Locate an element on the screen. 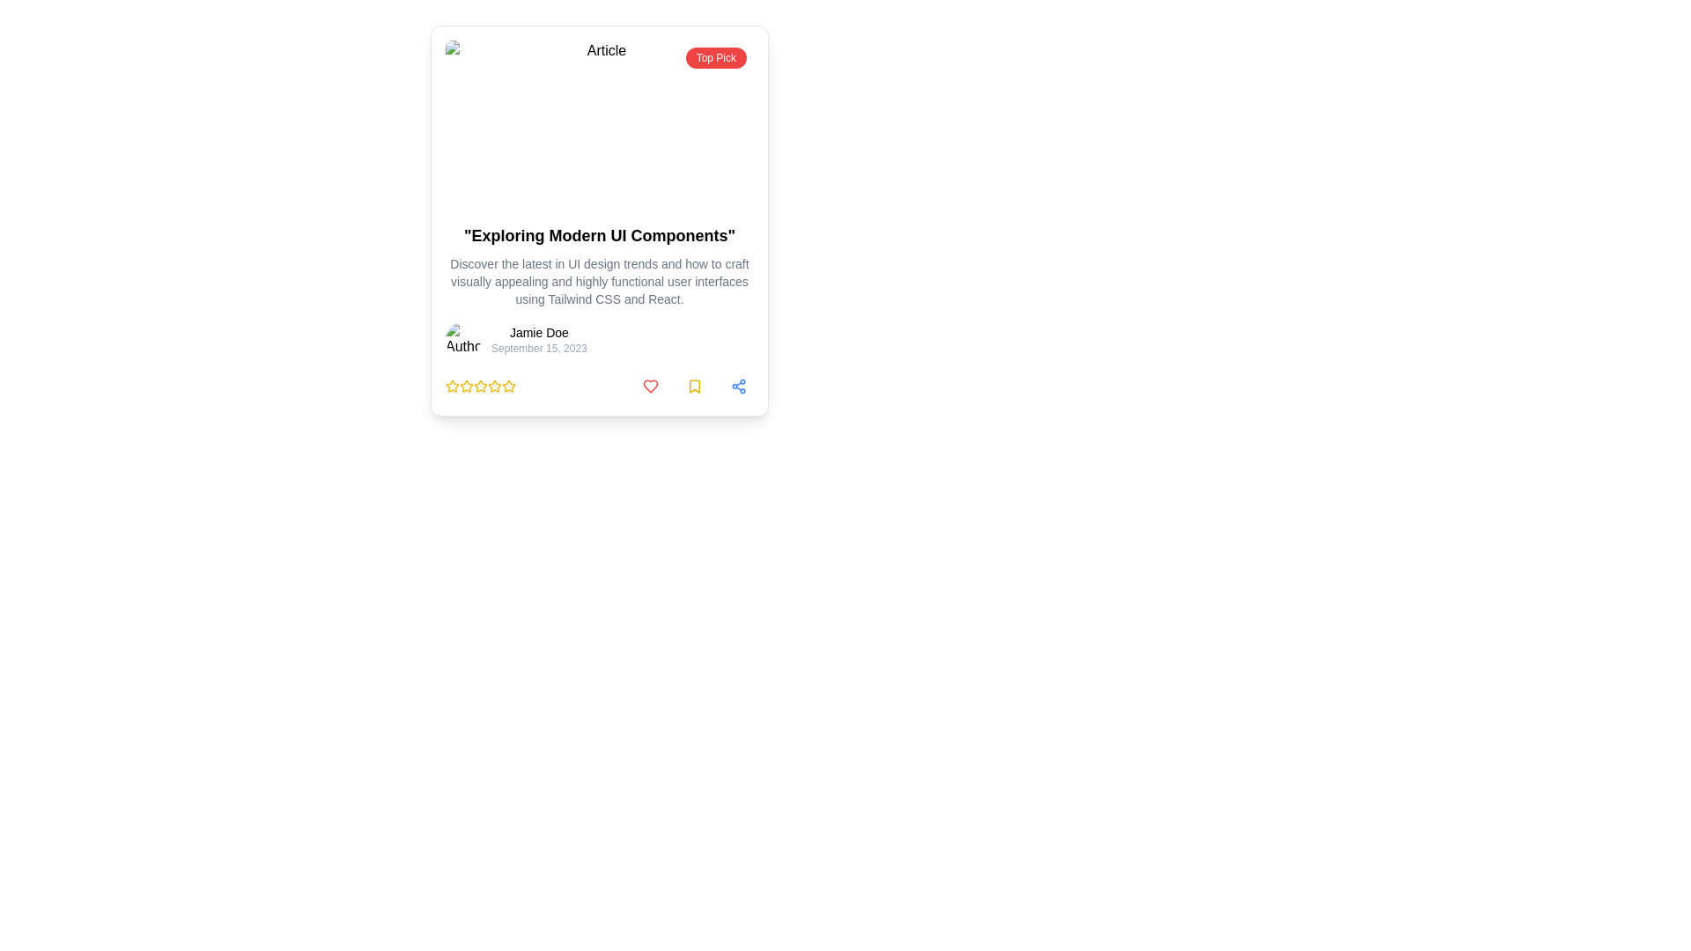  the heart icon at the bottom-right corner of the card to indicate a 'like' action is located at coordinates (650, 386).